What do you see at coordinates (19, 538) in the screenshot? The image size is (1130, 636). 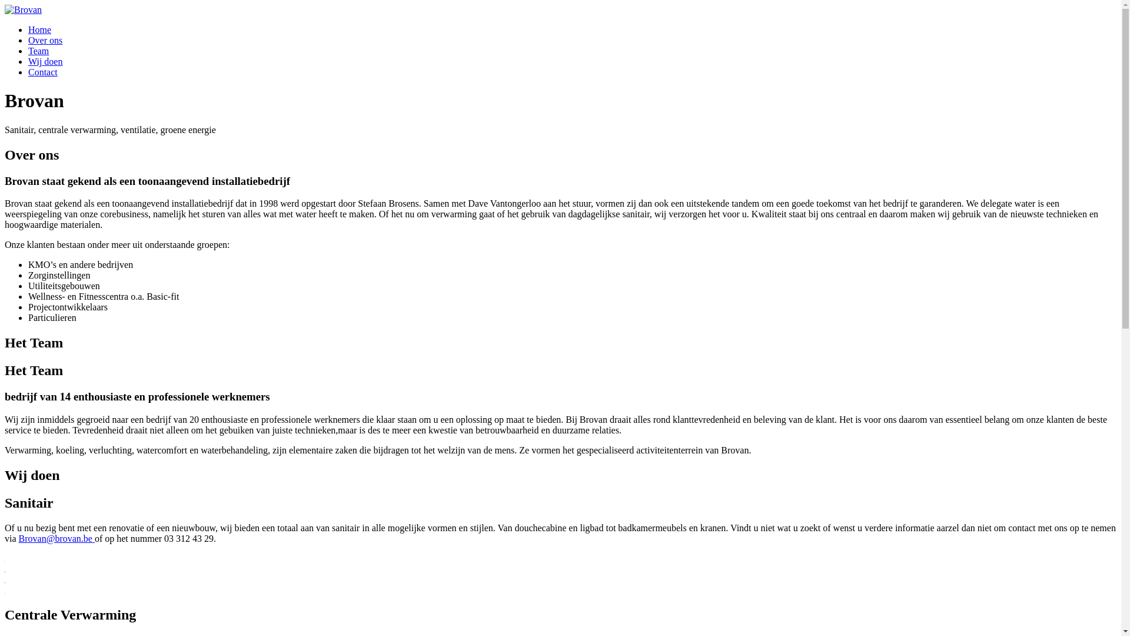 I see `'Brovan@brovan.be'` at bounding box center [19, 538].